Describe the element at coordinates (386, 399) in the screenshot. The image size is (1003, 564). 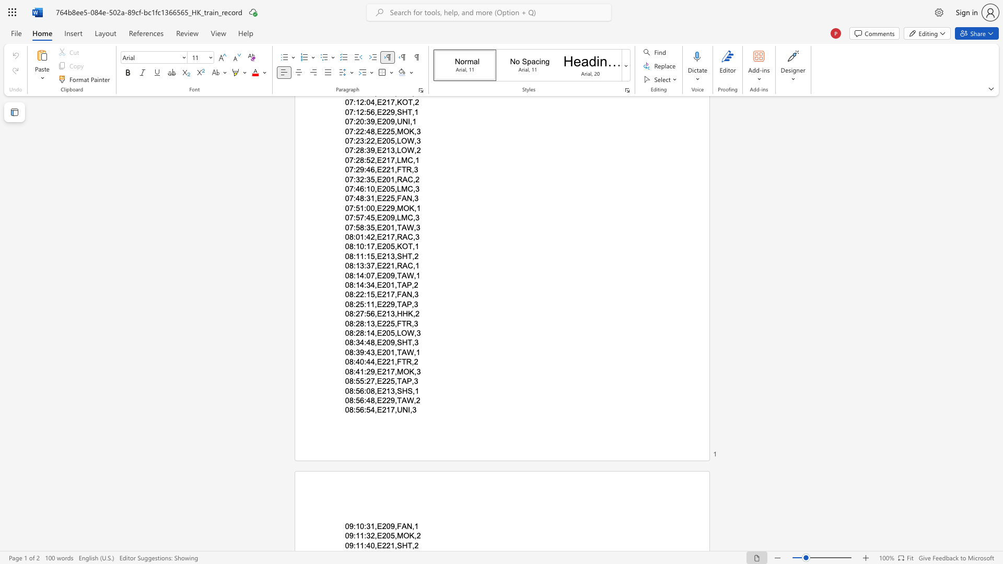
I see `the subset text "29,TAW" within the text "08:56:48,E229,TAW,2"` at that location.